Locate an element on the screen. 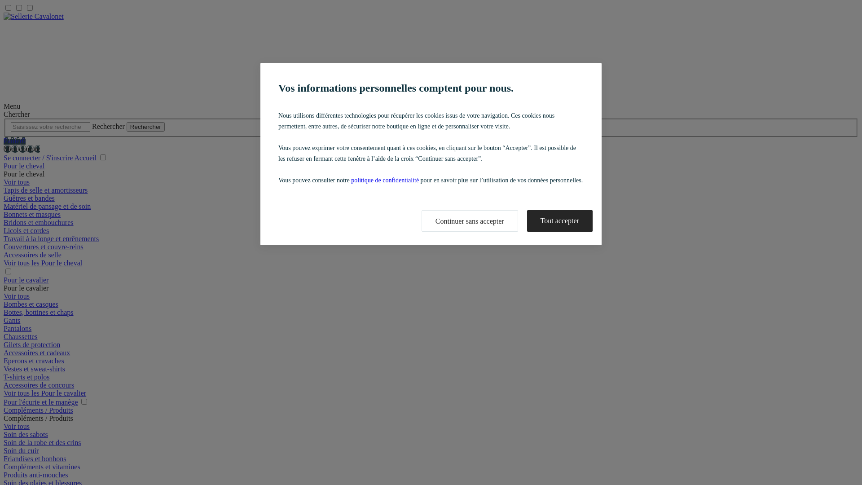 The width and height of the screenshot is (862, 485). 'Couvertures et couvre-reins' is located at coordinates (43, 247).